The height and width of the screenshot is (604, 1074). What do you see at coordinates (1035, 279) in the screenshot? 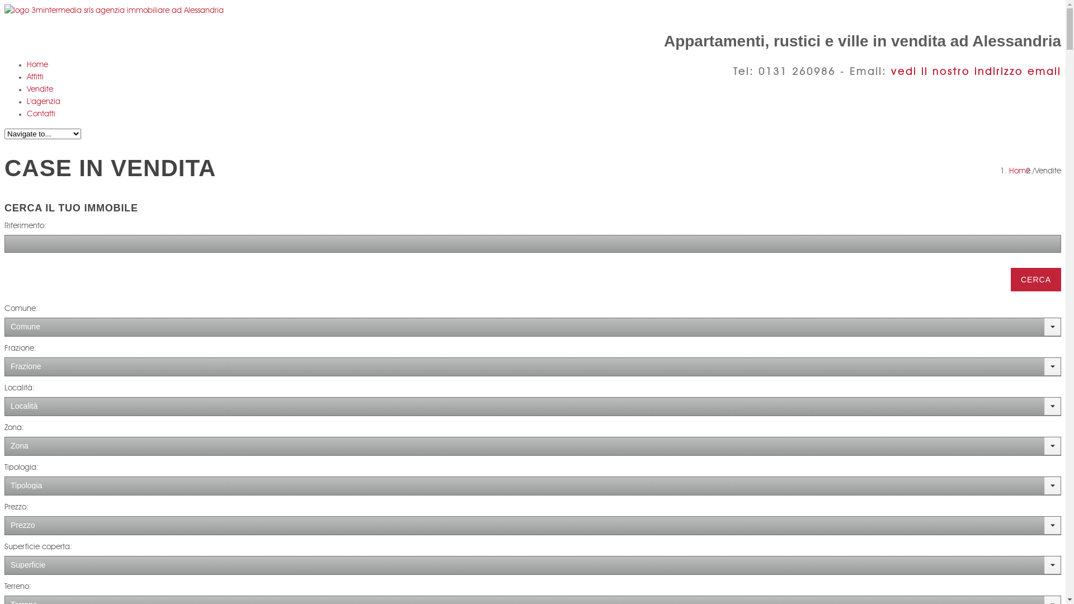
I see `'CERCA'` at bounding box center [1035, 279].